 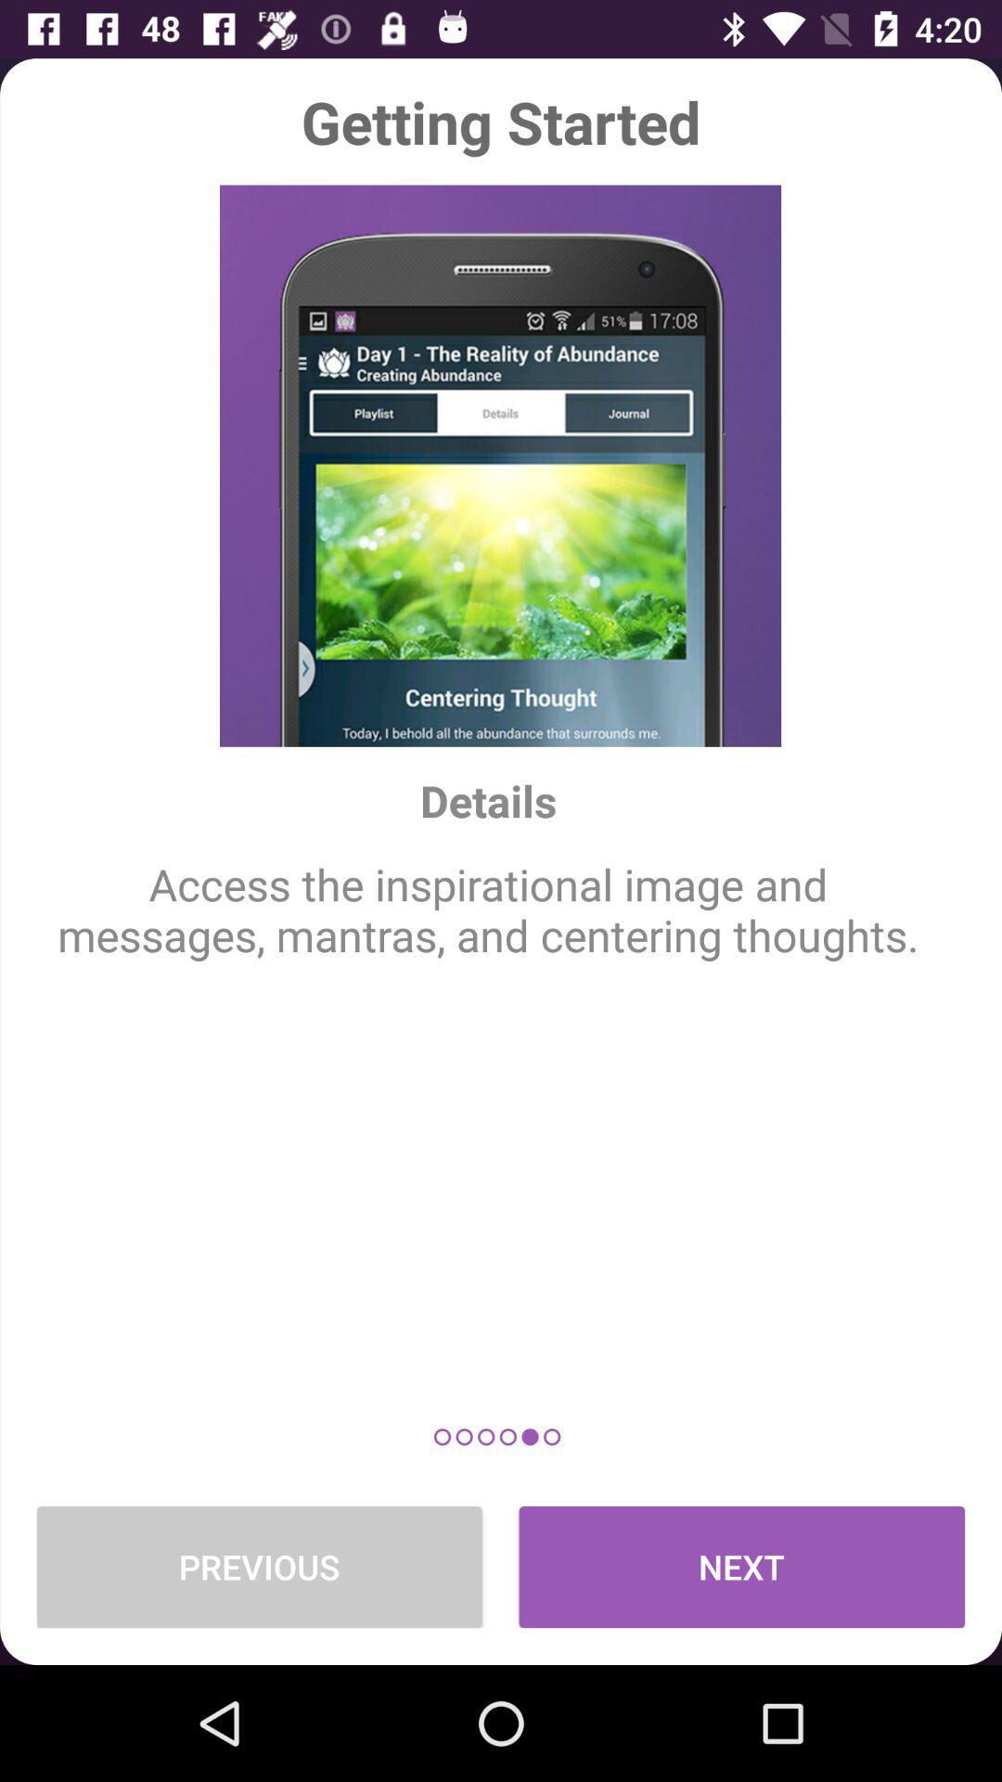 What do you see at coordinates (740, 1566) in the screenshot?
I see `the next` at bounding box center [740, 1566].